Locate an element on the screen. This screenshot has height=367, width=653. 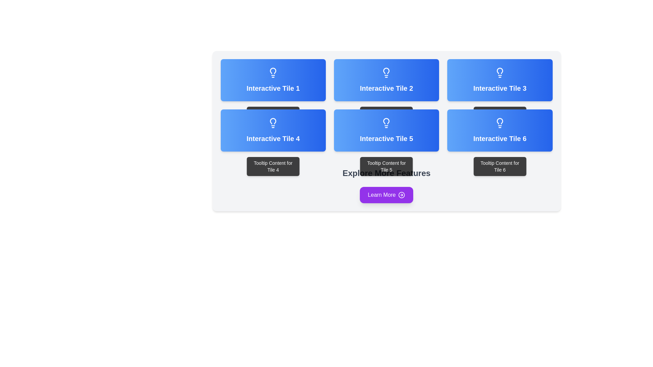
the lightbulb icon located in the 'Interactive Tile 4' section, which is centrally positioned in the leftmost tile of the second row in a grid of tiles is located at coordinates (273, 121).